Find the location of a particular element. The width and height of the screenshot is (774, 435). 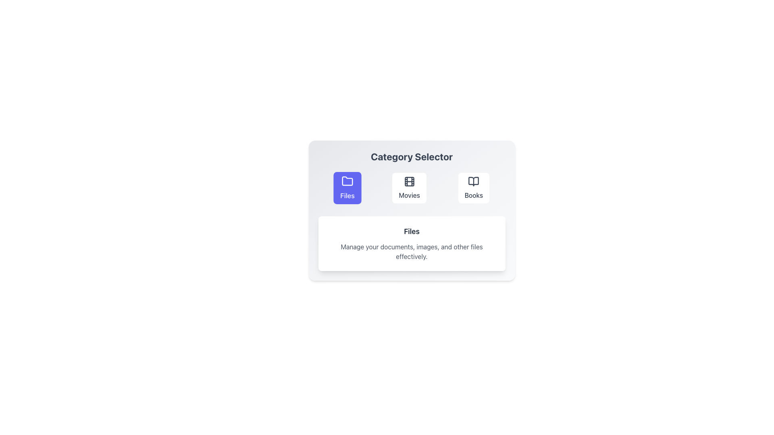

the 'Files' button which contains the SVG icon representing the 'Files' category, located at the center coordinates of the button is located at coordinates (347, 181).